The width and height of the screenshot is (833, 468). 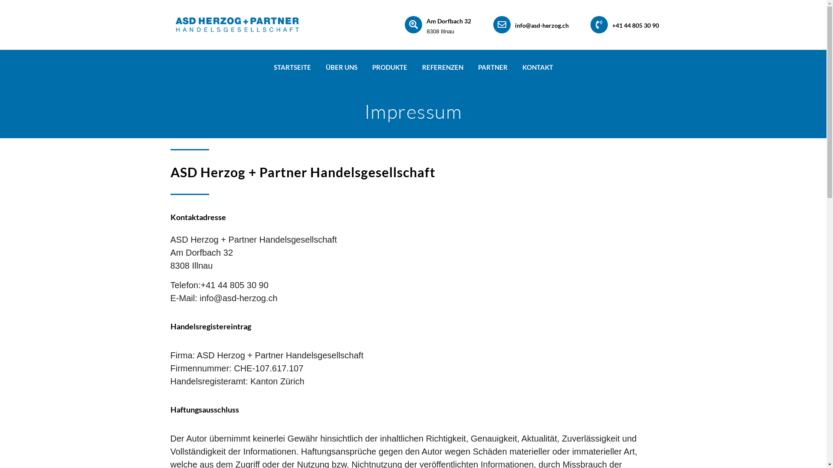 What do you see at coordinates (537, 66) in the screenshot?
I see `'KONTAKT'` at bounding box center [537, 66].